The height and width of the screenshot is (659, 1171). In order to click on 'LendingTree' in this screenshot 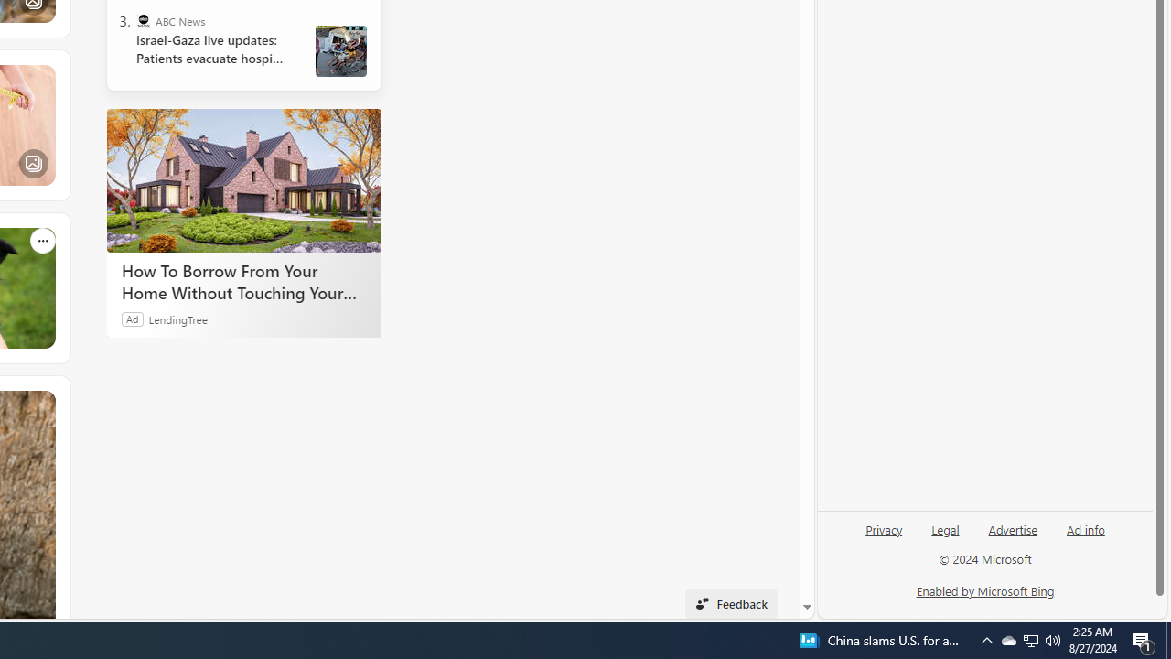, I will do `click(178, 318)`.